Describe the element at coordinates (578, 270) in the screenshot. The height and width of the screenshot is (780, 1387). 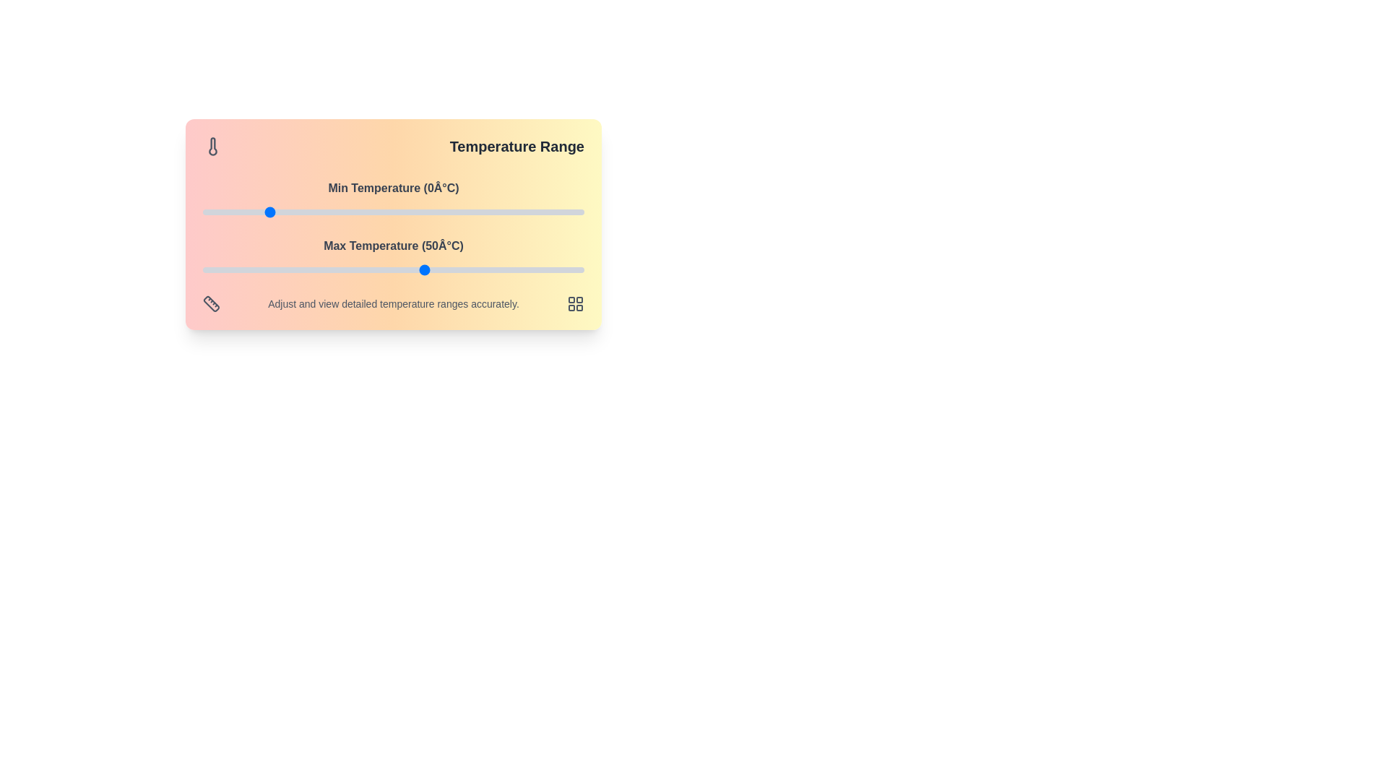
I see `the maximum temperature slider to 98°C` at that location.